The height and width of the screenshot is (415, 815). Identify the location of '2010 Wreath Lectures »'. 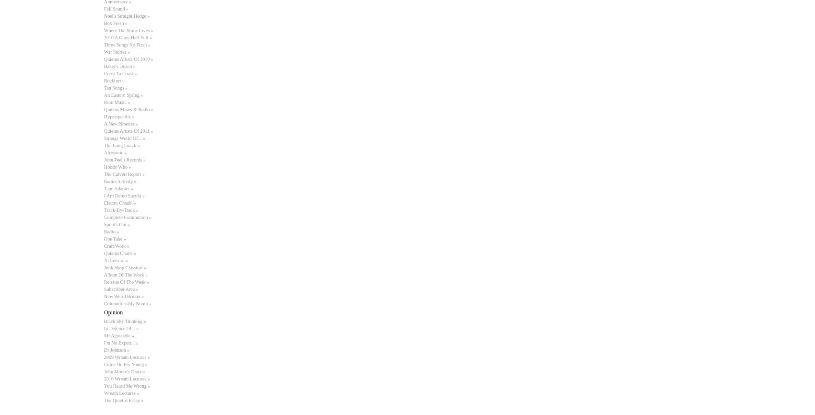
(127, 378).